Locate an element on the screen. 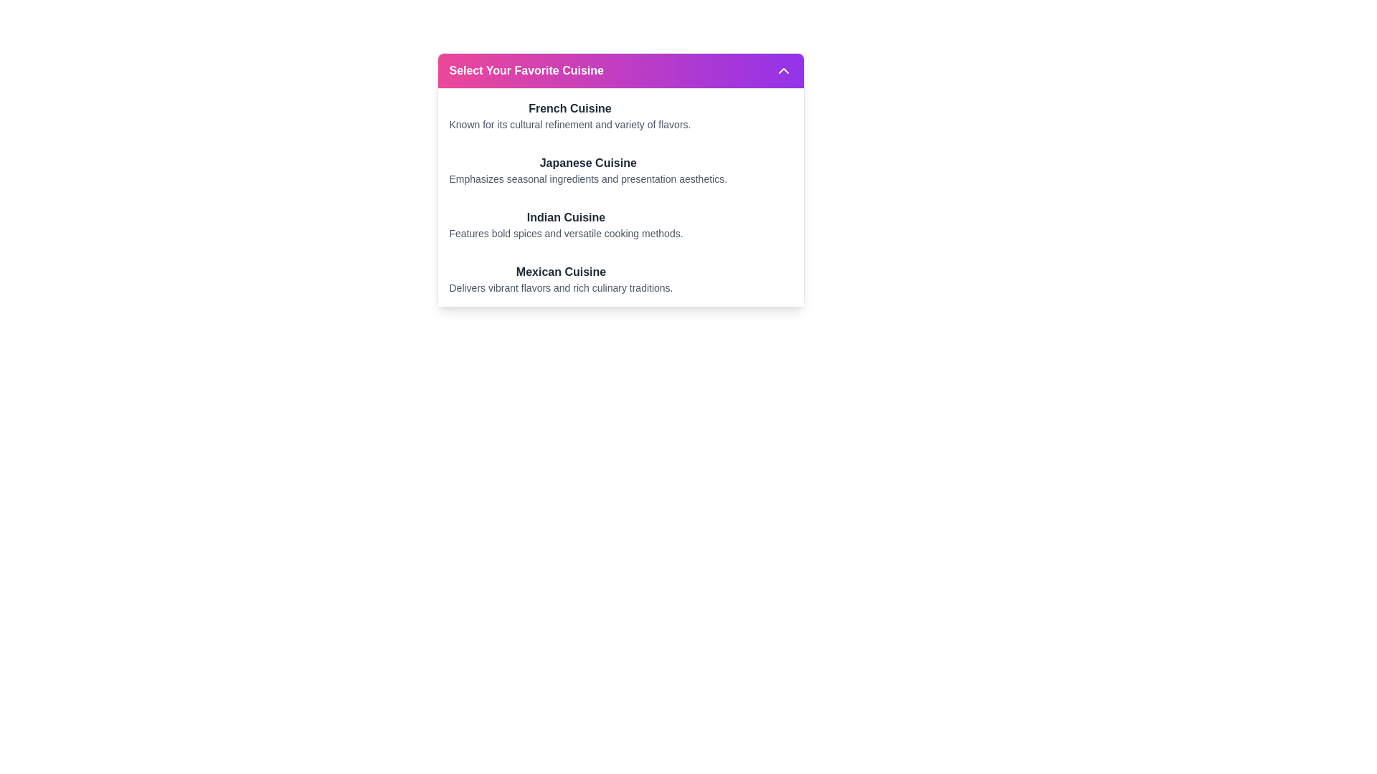 This screenshot has height=774, width=1377. the static text content that provides supplemental information for the 'French Cuisine' heading, located directly below it is located at coordinates (569, 123).